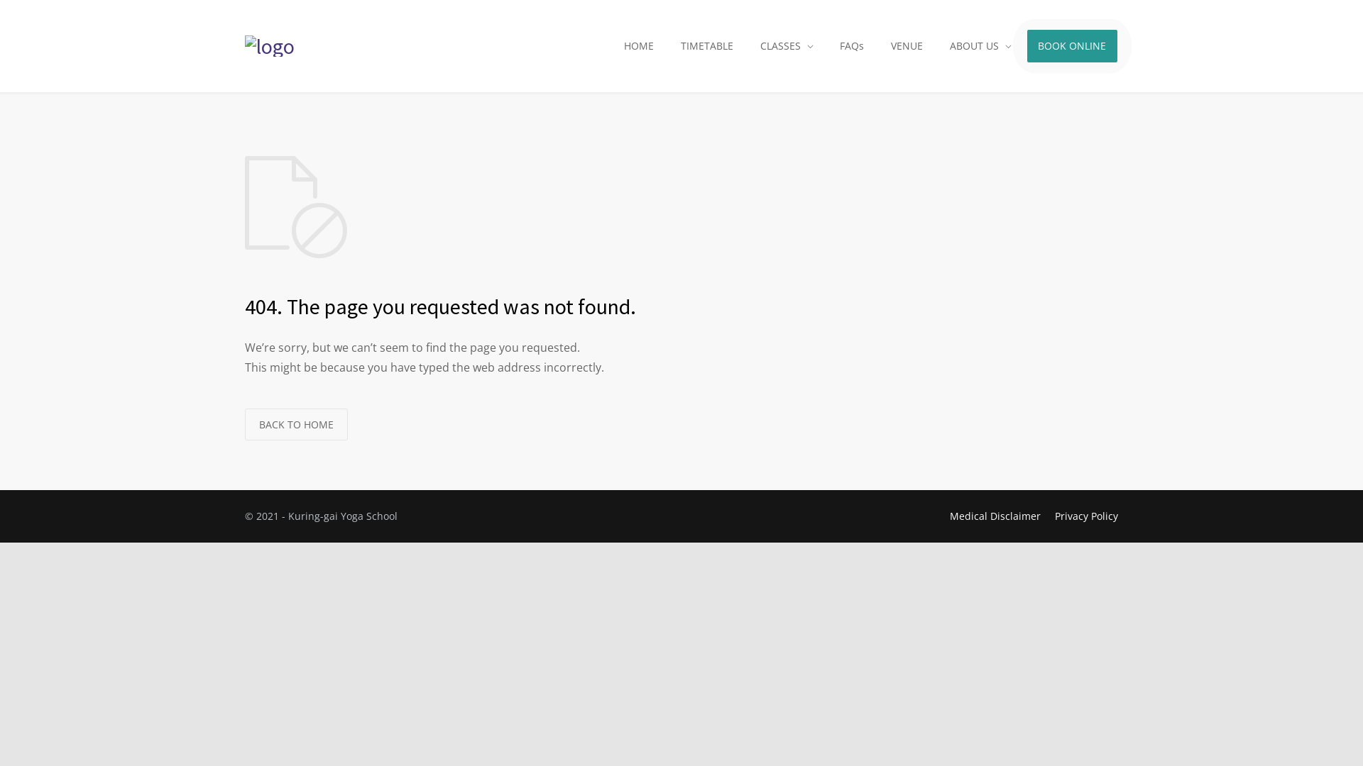 This screenshot has width=1363, height=766. I want to click on 'FAQs', so click(828, 45).